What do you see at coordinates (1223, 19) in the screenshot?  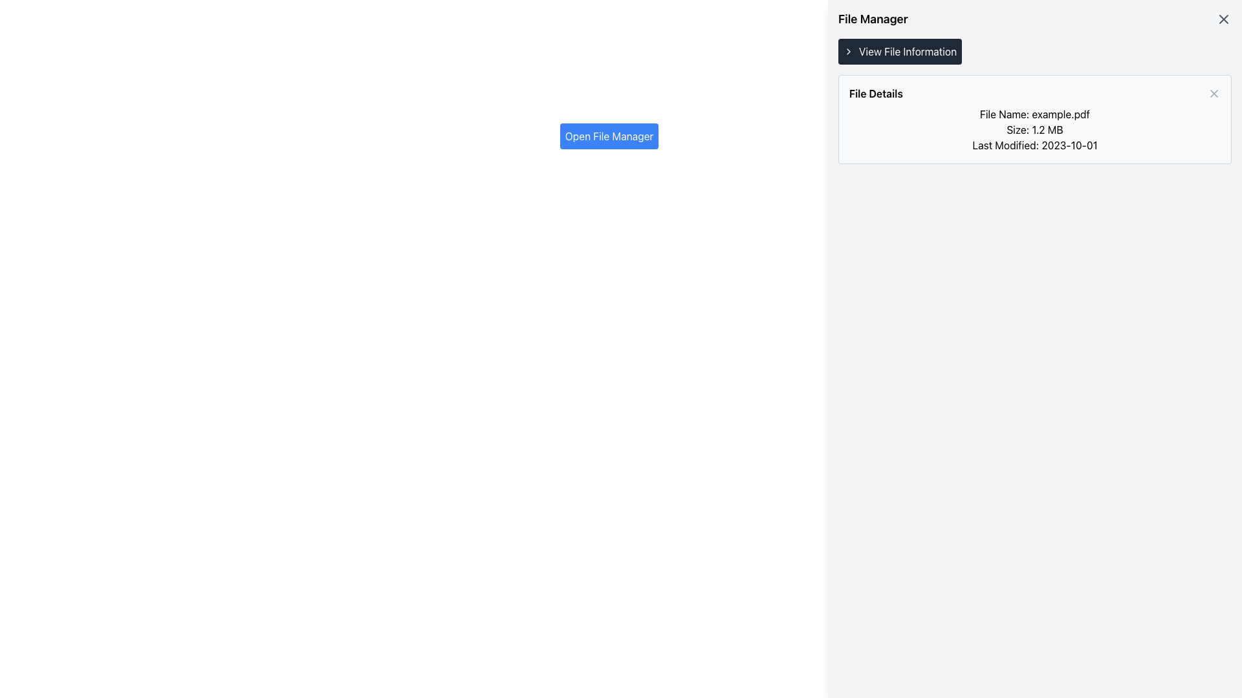 I see `the dark gray cross-shaped button located in the top right corner of the File Manager panel` at bounding box center [1223, 19].